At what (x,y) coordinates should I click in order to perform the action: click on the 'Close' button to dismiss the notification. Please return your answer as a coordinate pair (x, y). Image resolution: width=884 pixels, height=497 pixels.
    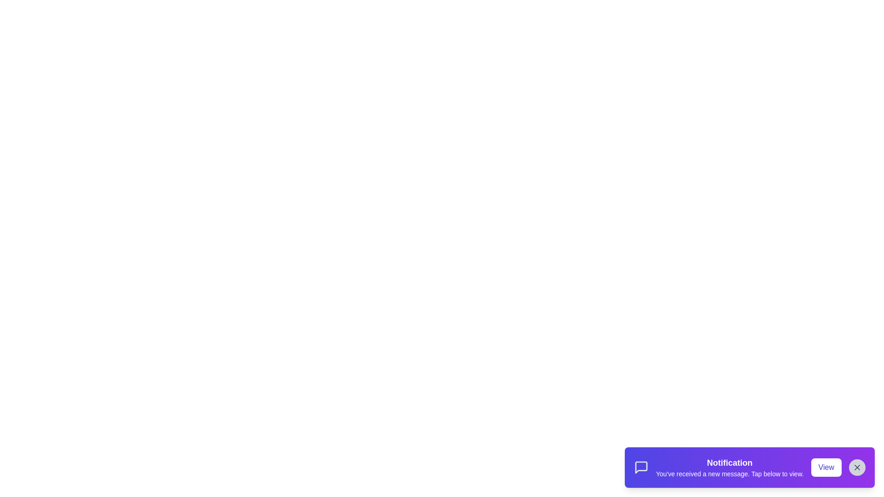
    Looking at the image, I should click on (857, 467).